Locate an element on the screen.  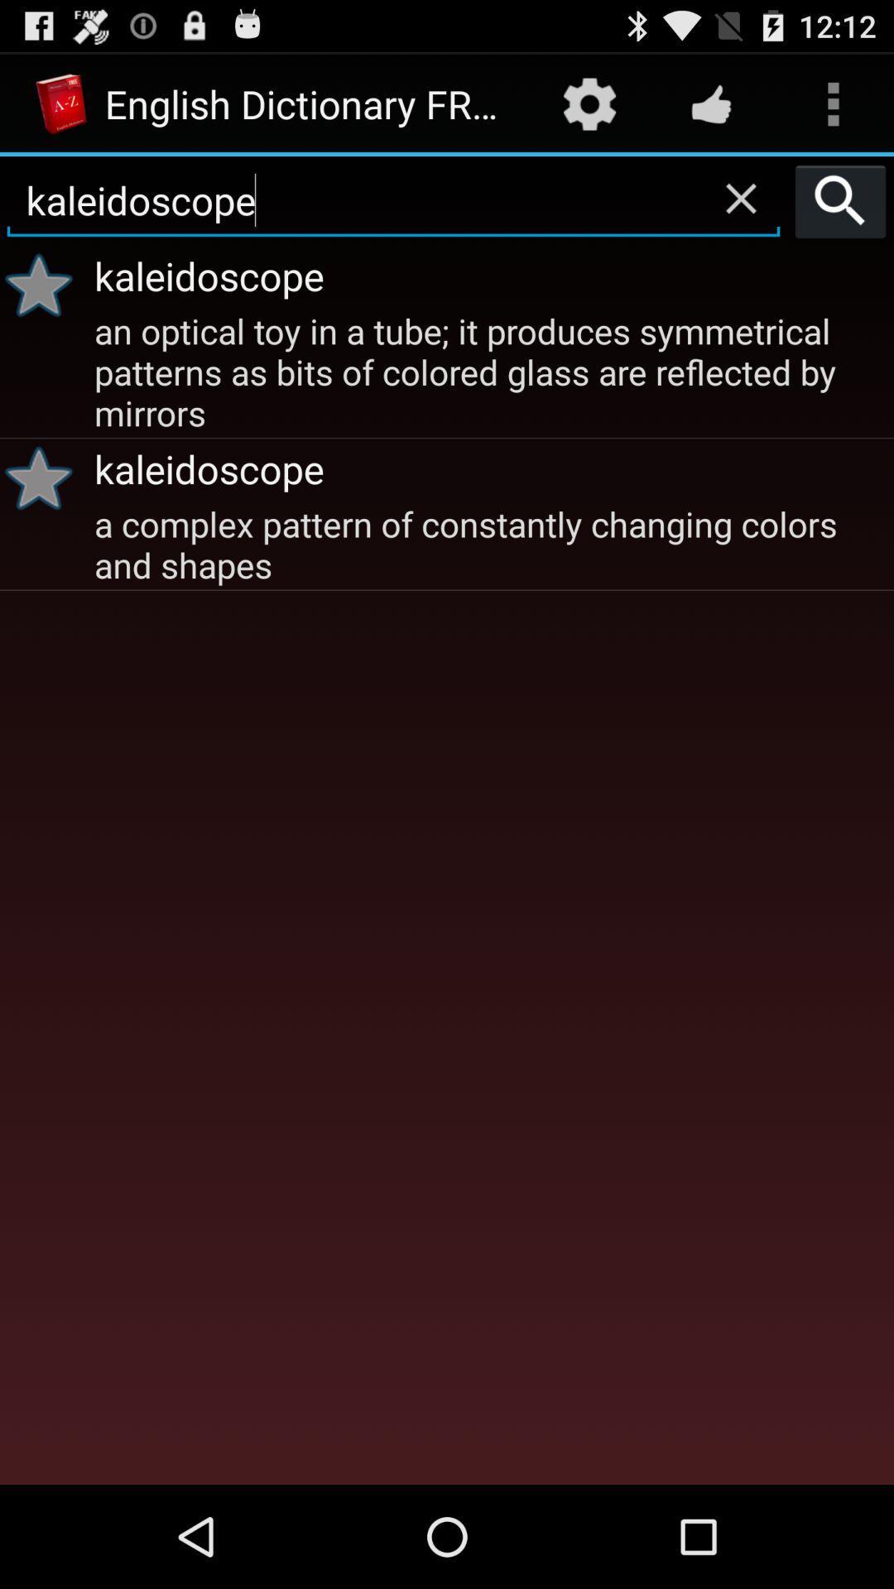
icon below the kaleidoscope app is located at coordinates (491, 543).